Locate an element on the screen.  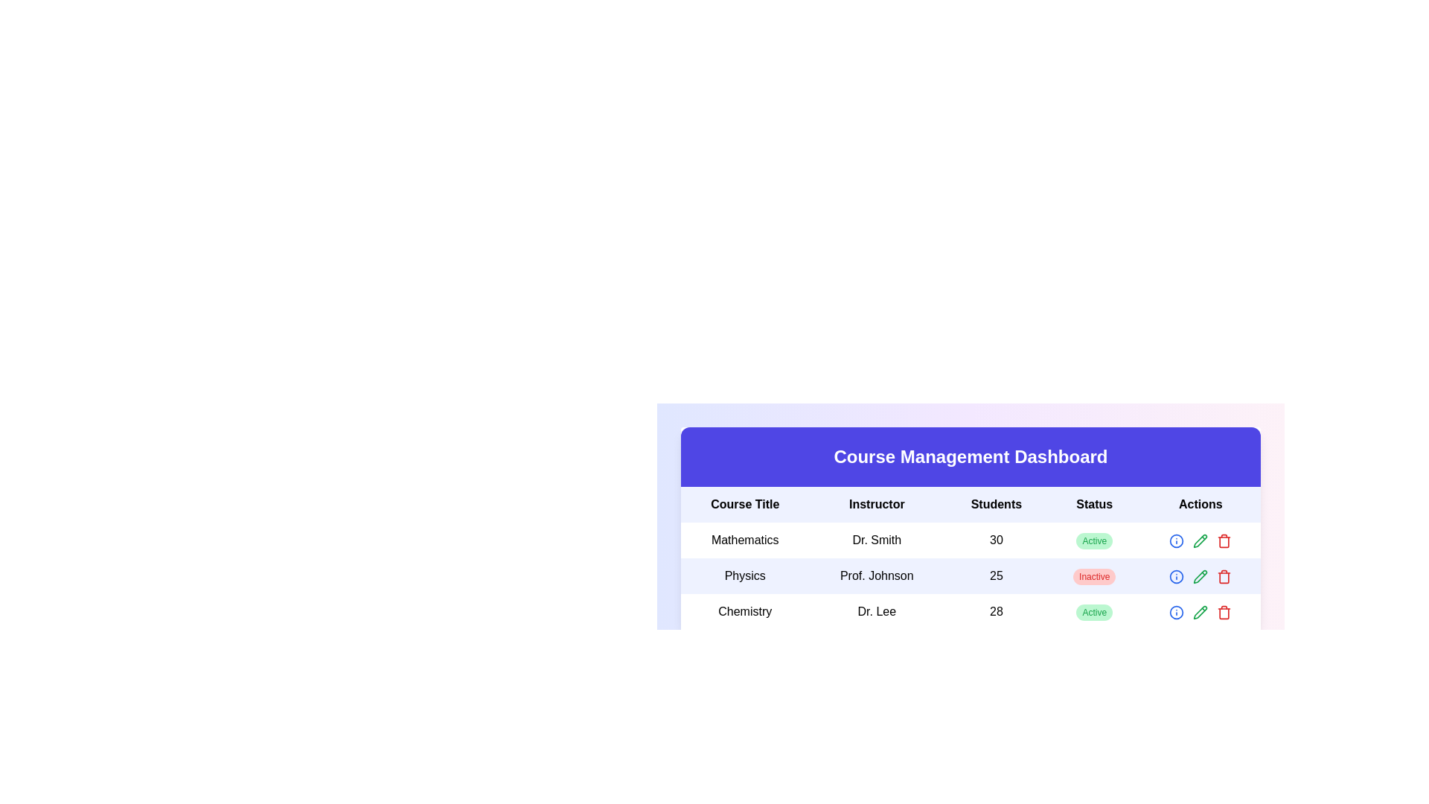
the 'Students' text label in the table header, which is the third entry from the left, rendered in bold black font is located at coordinates (996, 504).